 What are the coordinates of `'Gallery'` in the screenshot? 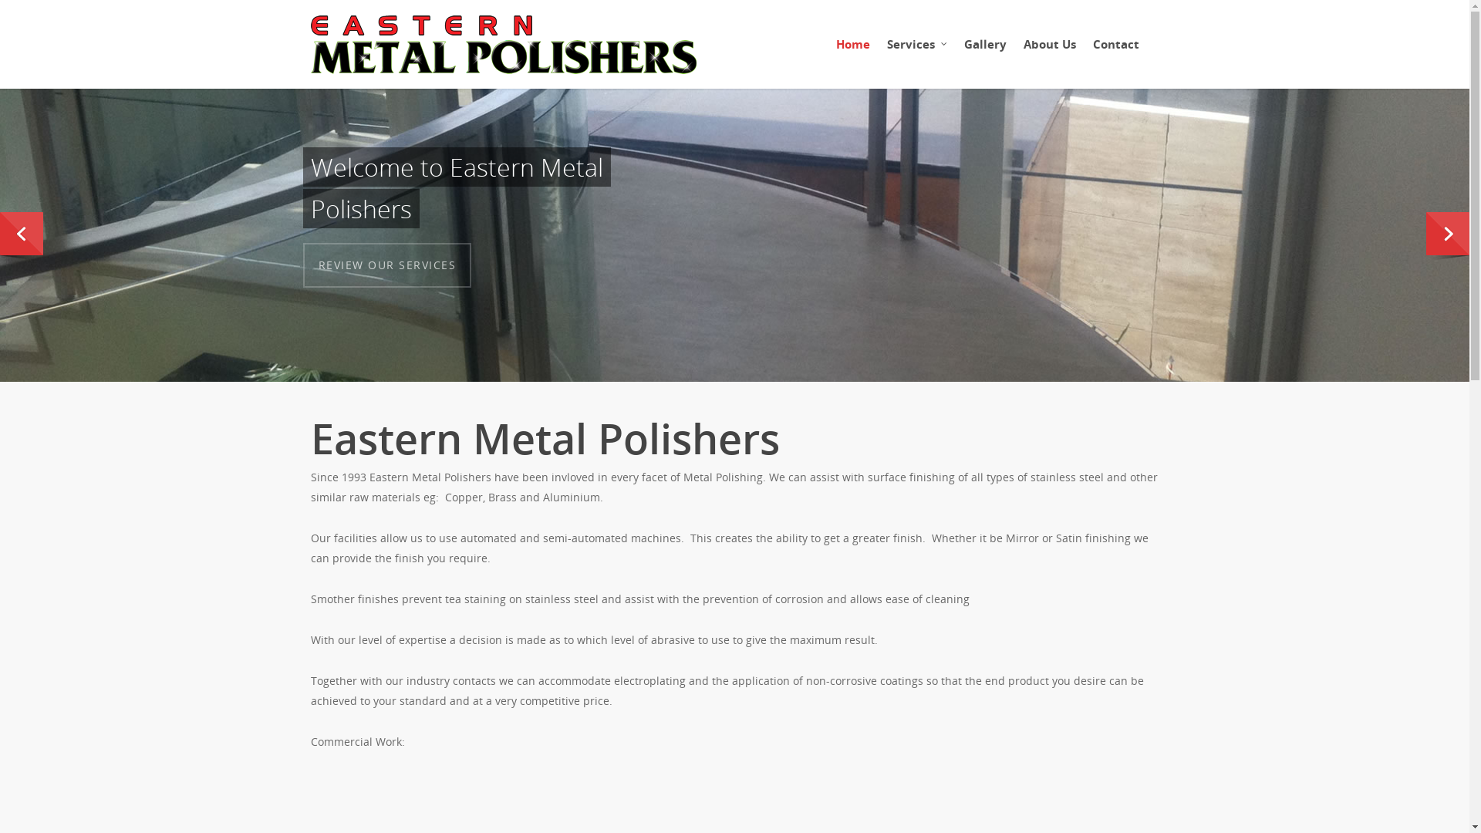 It's located at (984, 51).